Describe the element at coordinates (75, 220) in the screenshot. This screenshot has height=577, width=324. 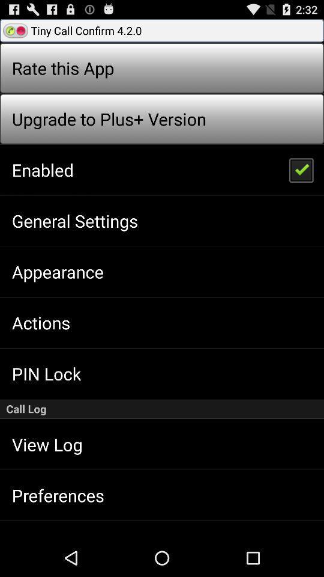
I see `the app above the appearance icon` at that location.